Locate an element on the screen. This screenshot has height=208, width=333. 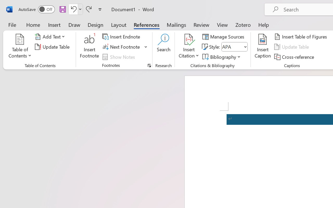
'Style' is located at coordinates (232, 46).